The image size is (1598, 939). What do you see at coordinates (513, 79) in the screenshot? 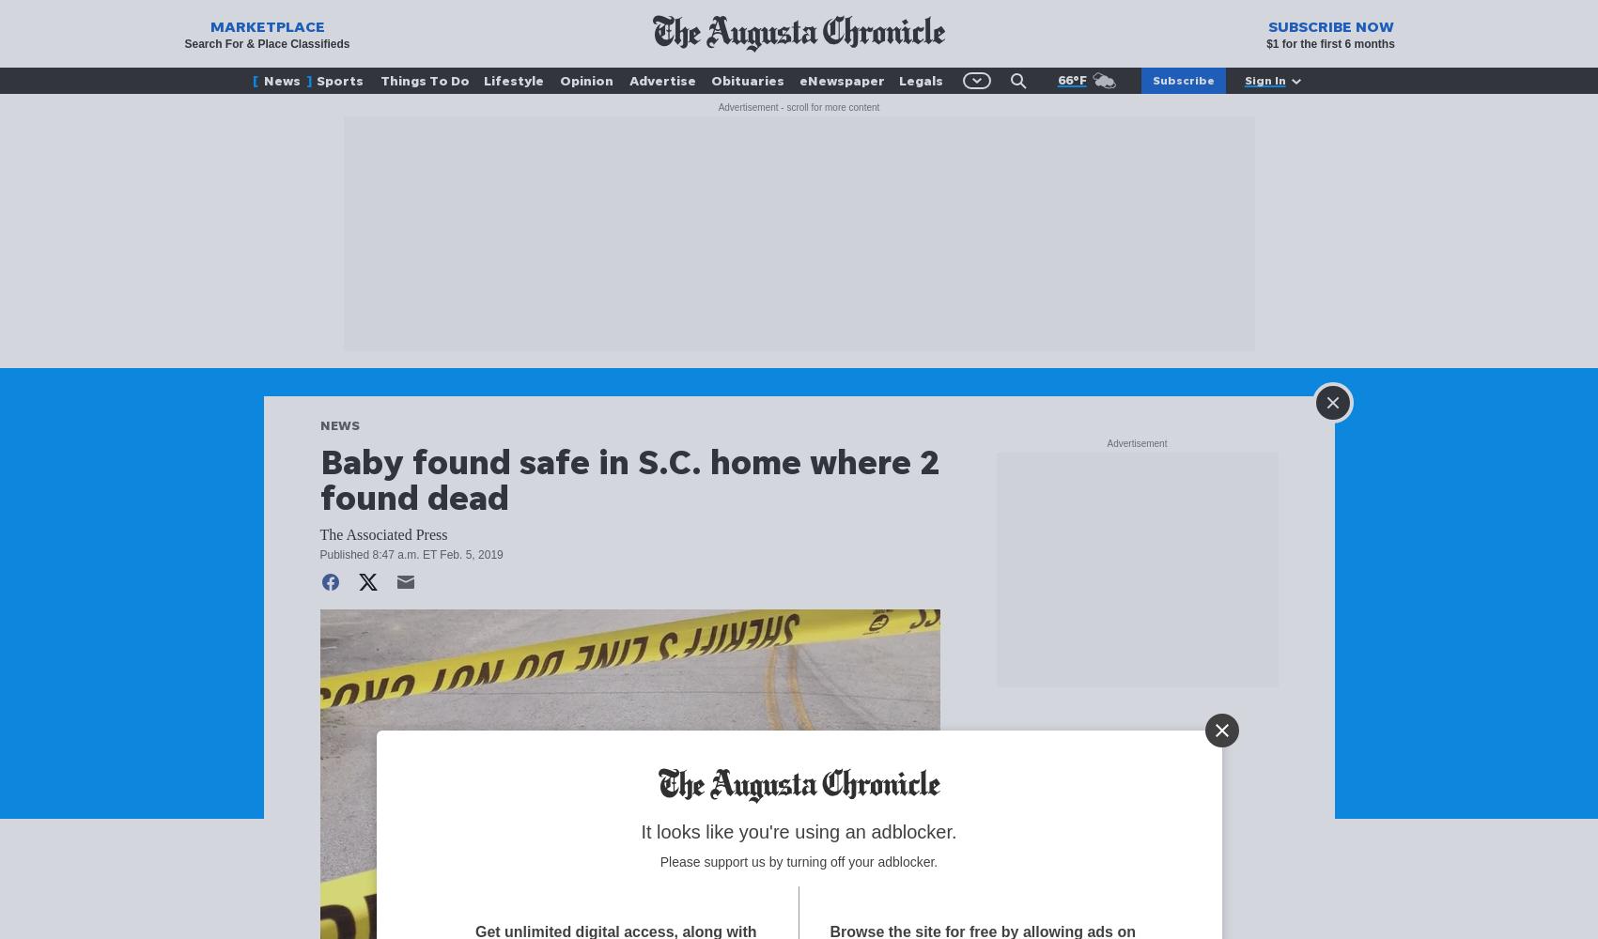
I see `'Lifestyle'` at bounding box center [513, 79].